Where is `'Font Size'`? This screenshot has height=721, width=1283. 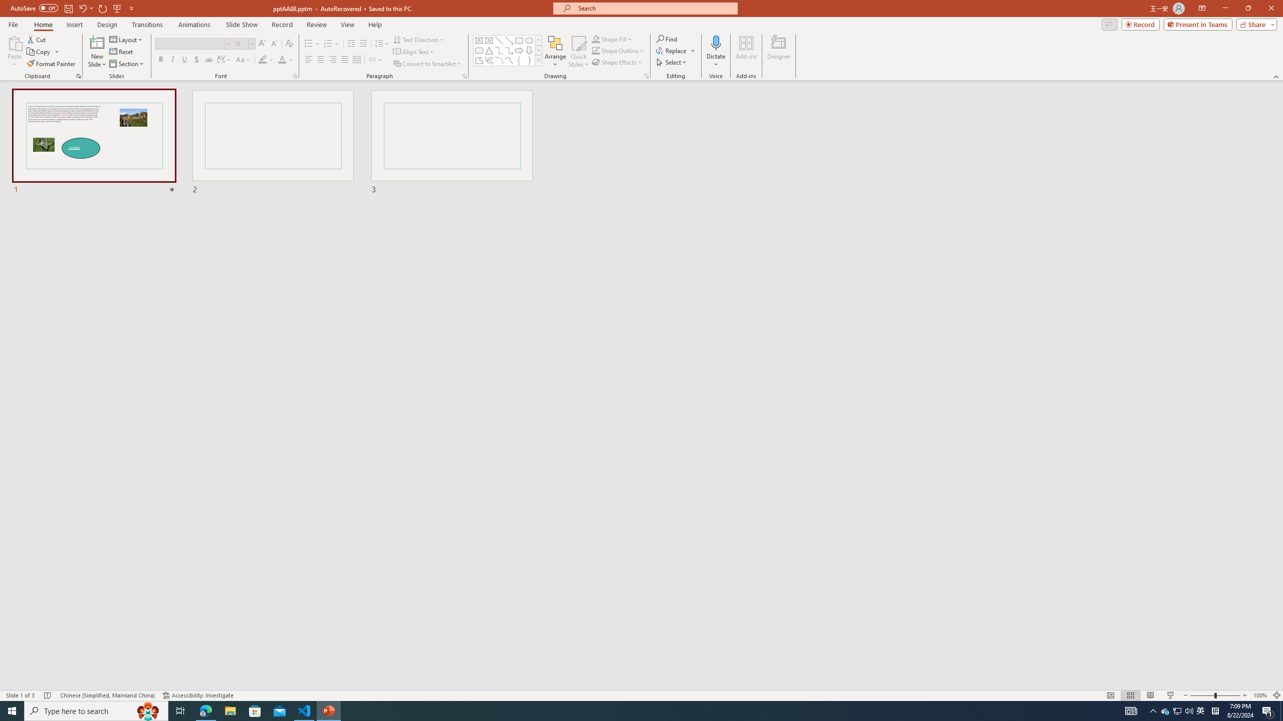 'Font Size' is located at coordinates (243, 44).